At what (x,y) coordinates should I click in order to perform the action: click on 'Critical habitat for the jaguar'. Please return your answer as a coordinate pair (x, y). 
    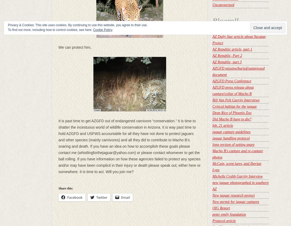
    Looking at the image, I should click on (234, 106).